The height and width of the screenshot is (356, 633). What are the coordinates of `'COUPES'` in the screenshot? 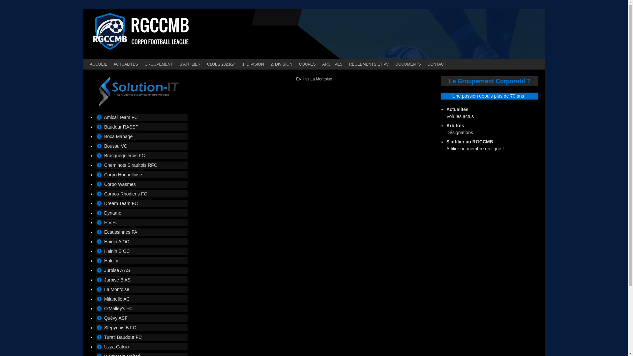 It's located at (307, 64).